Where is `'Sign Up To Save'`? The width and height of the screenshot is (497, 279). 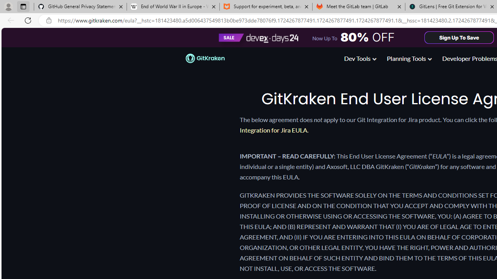
'Sign Up To Save' is located at coordinates (459, 37).